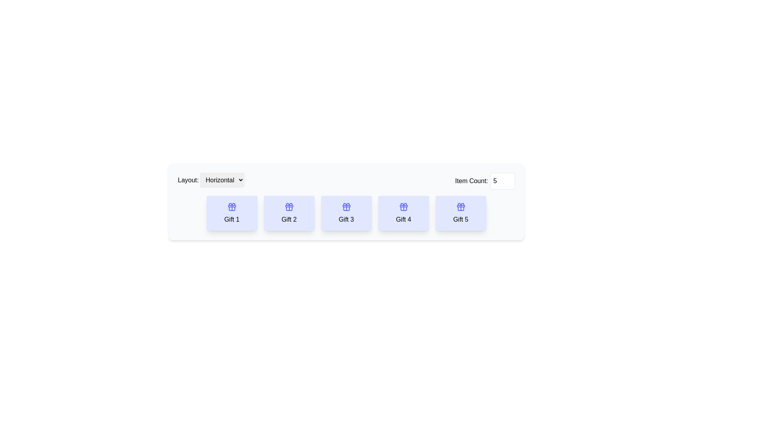  What do you see at coordinates (461, 206) in the screenshot?
I see `gift icon with a bow and box shape, styled in vivid indigo color, located above the text label 'Gift 5'` at bounding box center [461, 206].